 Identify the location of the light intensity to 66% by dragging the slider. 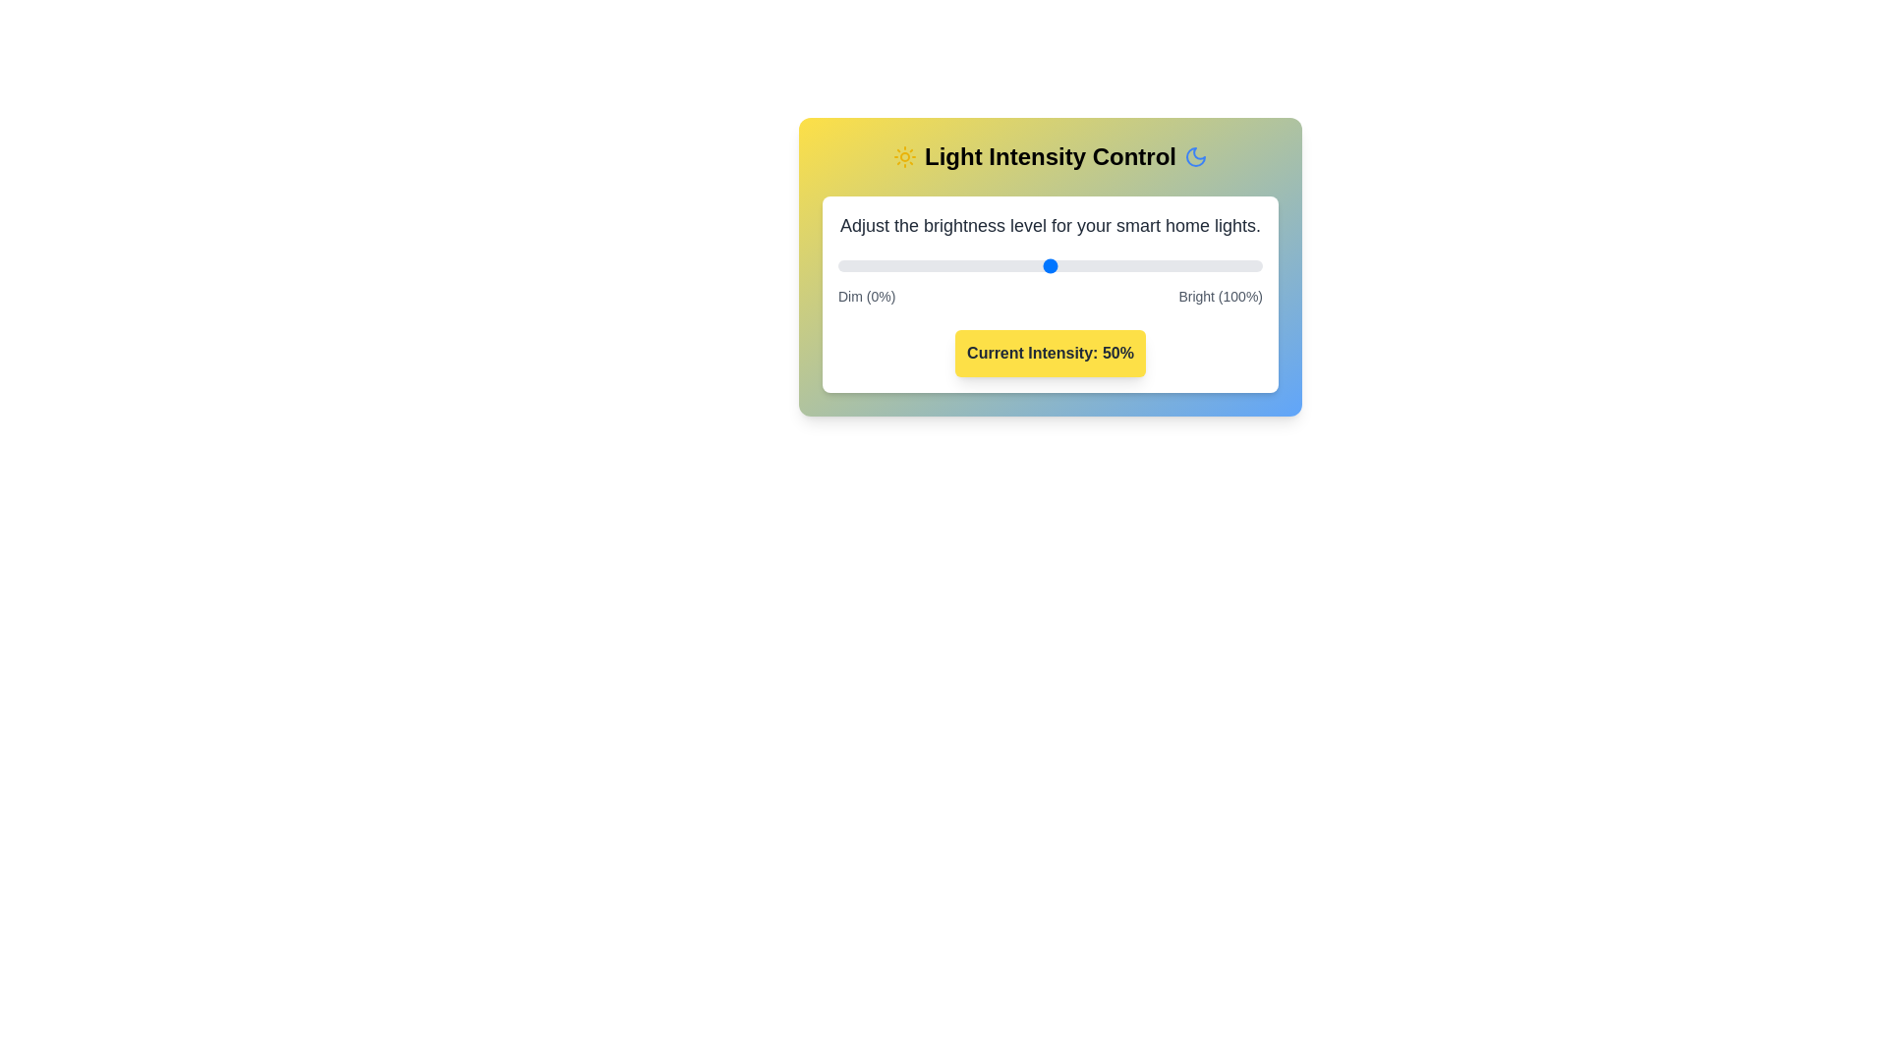
(1118, 265).